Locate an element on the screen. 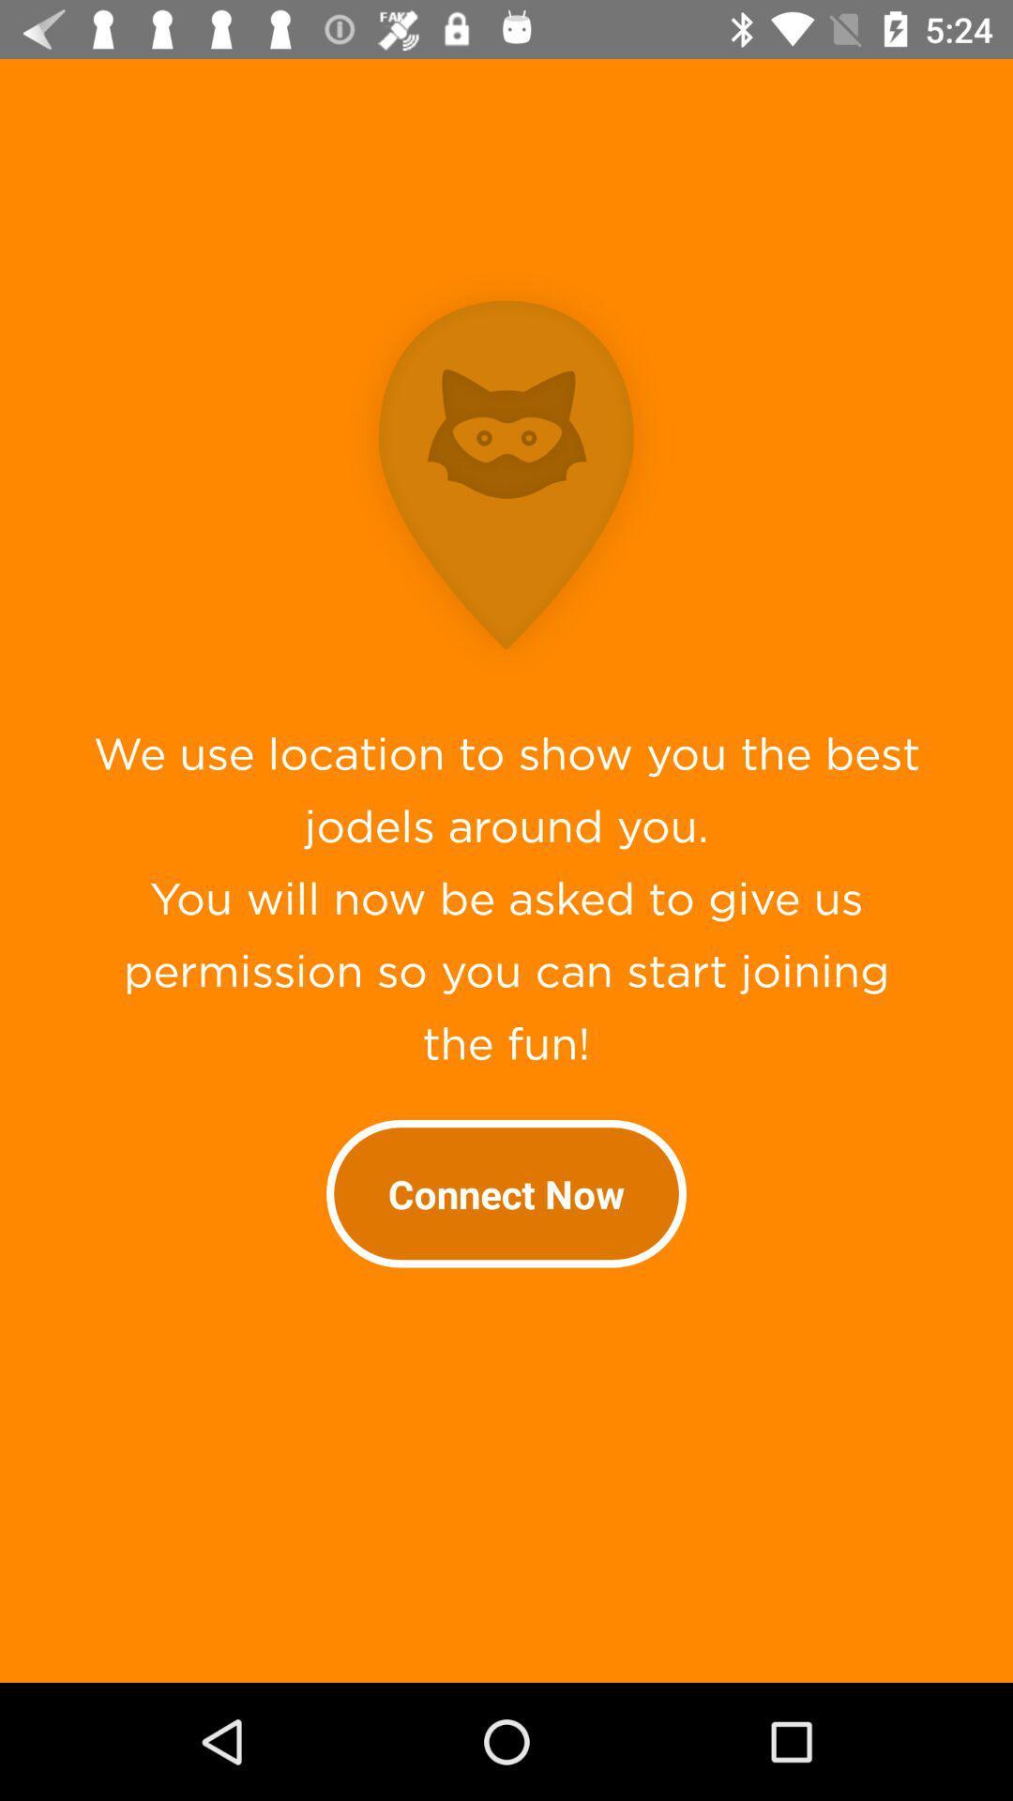  the connect now item is located at coordinates (506, 1192).